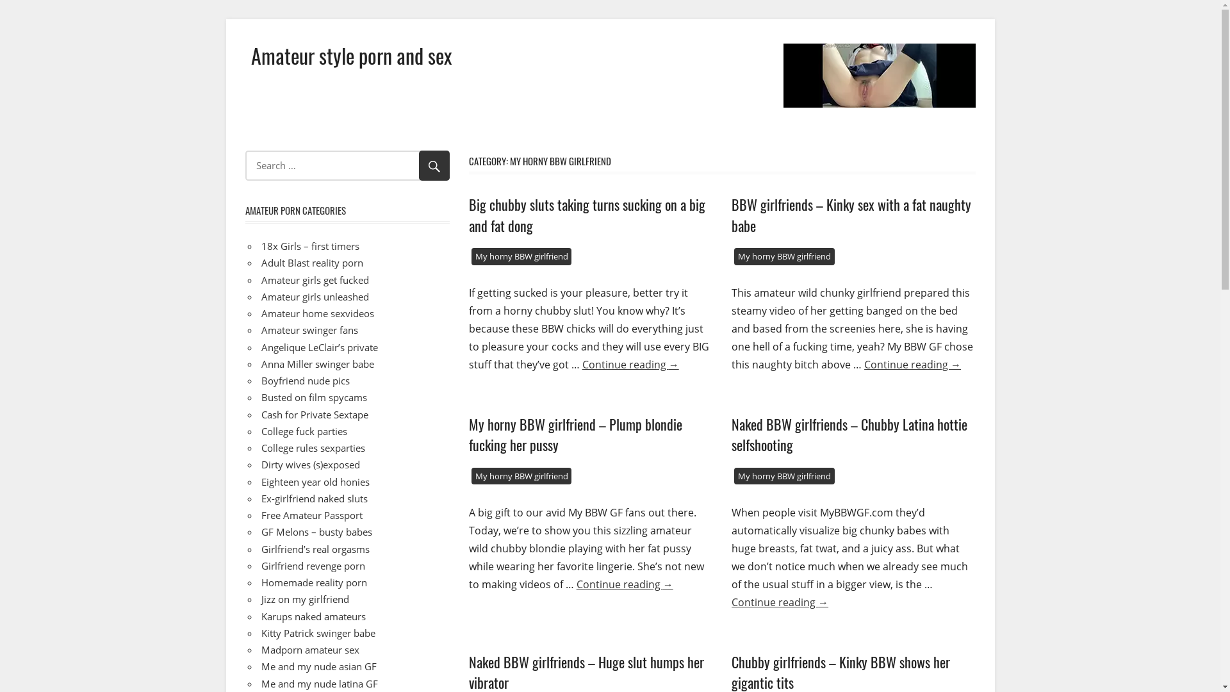 This screenshot has width=1230, height=692. I want to click on 'Karups naked amateurs', so click(313, 615).